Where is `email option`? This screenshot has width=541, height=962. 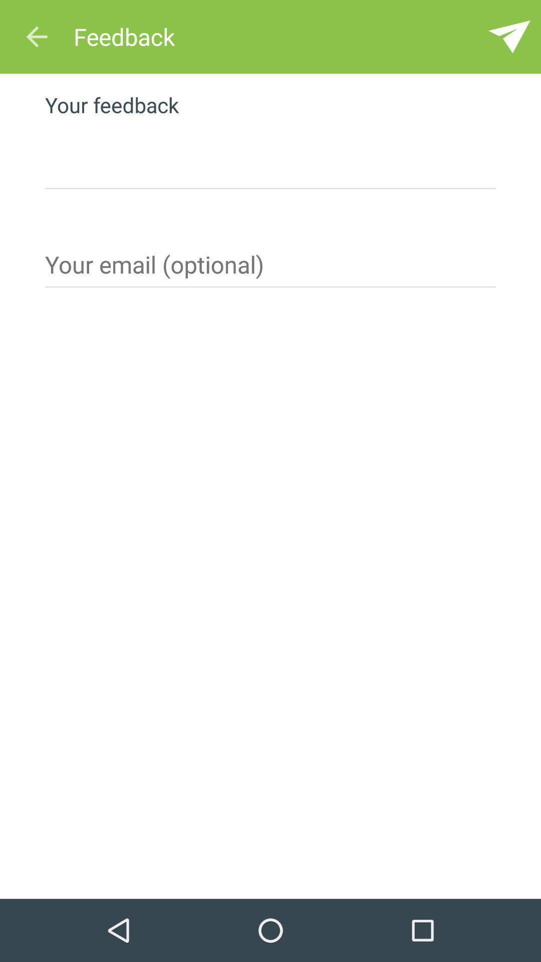
email option is located at coordinates (270, 268).